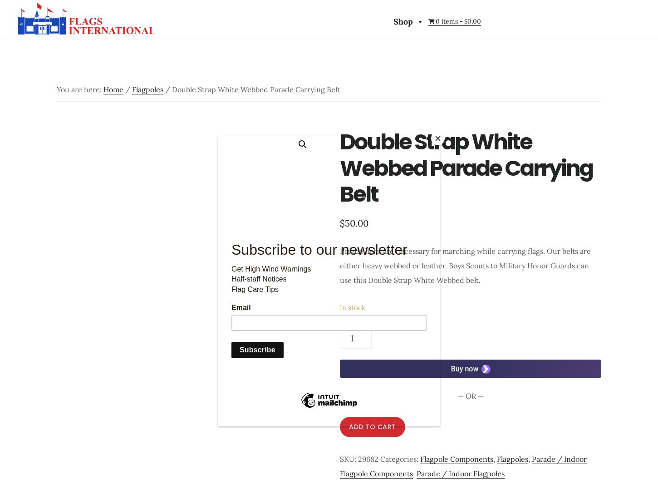 This screenshot has height=489, width=658. I want to click on 'Figurines', so click(461, 235).